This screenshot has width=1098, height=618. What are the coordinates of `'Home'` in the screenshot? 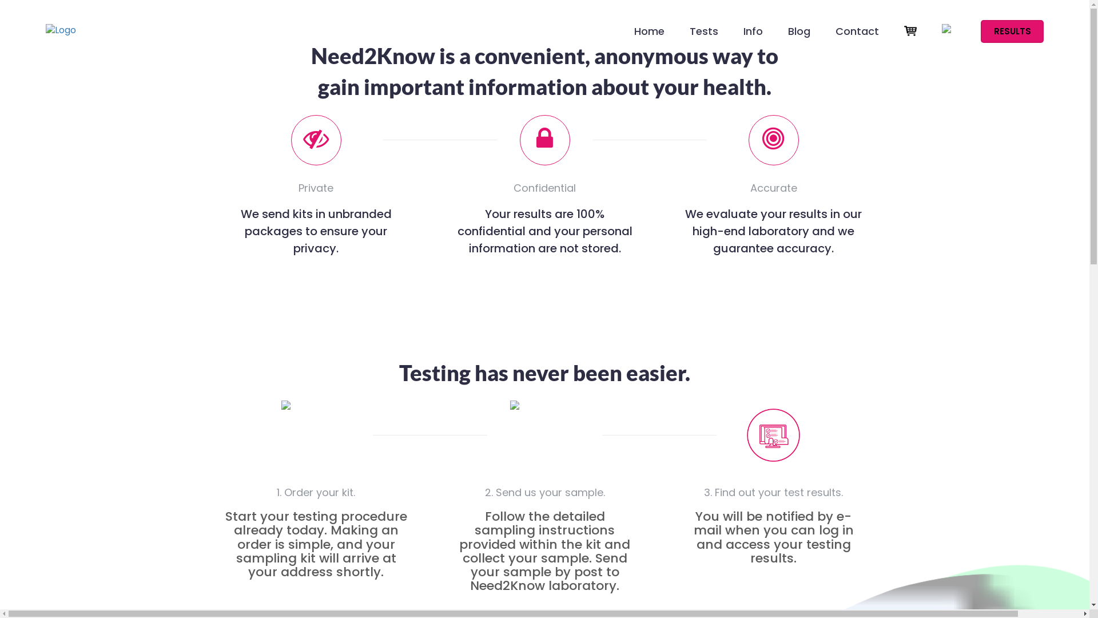 It's located at (649, 37).